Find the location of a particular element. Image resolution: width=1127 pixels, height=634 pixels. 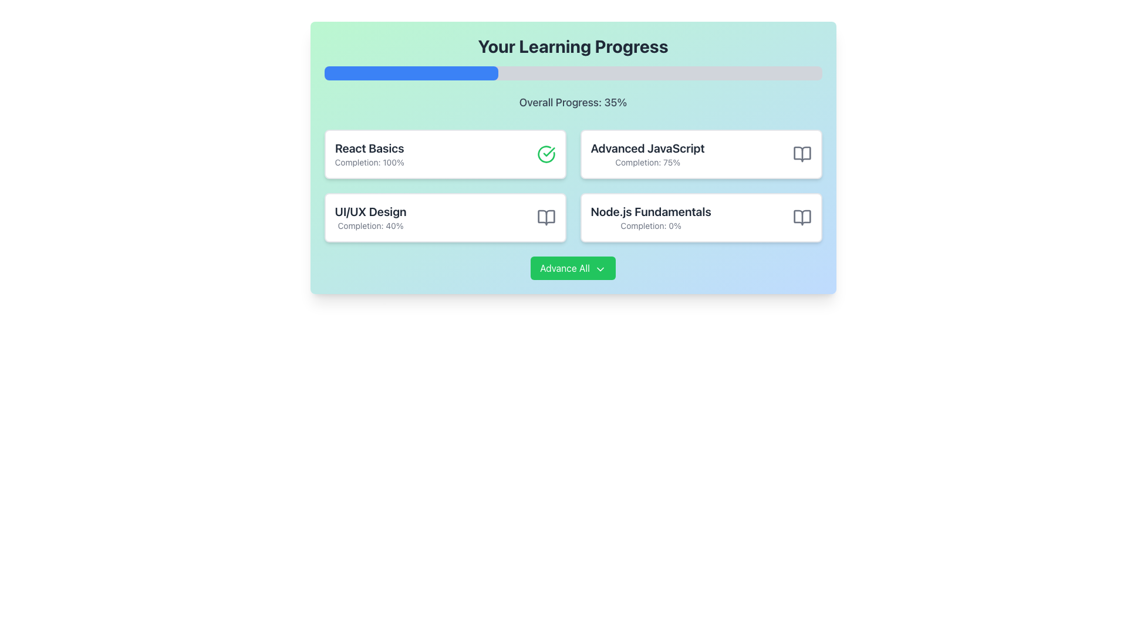

the informational text displaying the course title 'React Basics' and its completion percentage '100%' within the learning progress dashboard is located at coordinates (369, 153).